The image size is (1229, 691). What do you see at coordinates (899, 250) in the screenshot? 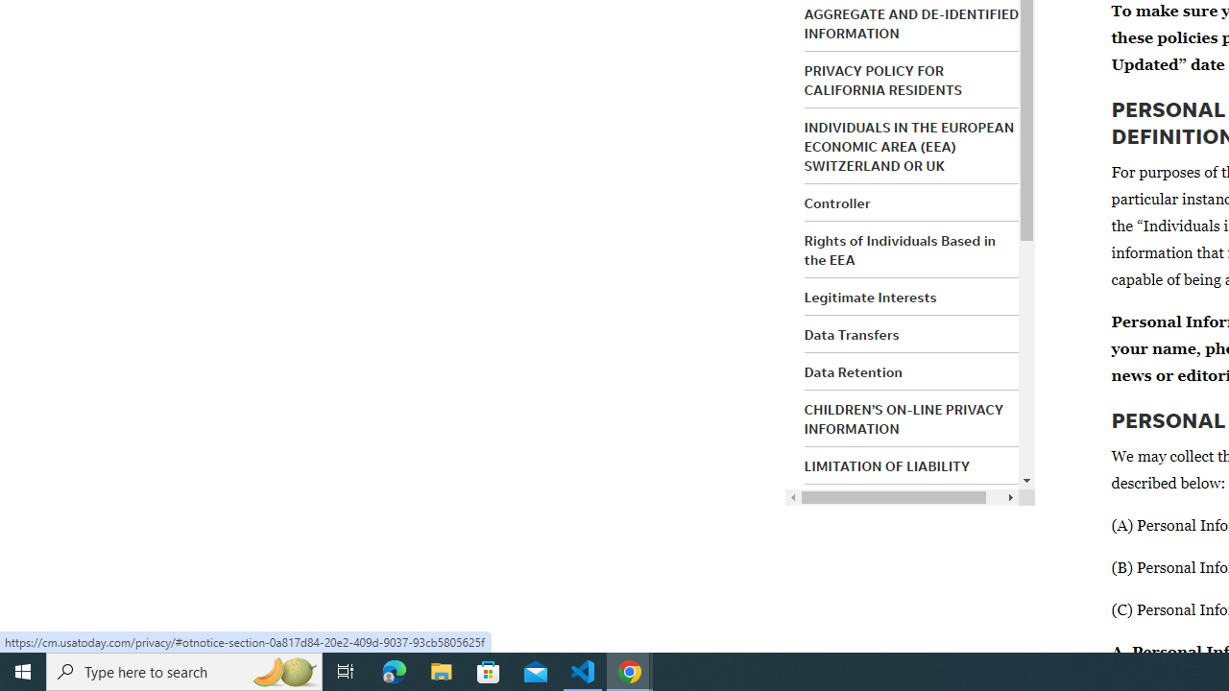
I see `'Rights of Individuals Based in the EEA'` at bounding box center [899, 250].